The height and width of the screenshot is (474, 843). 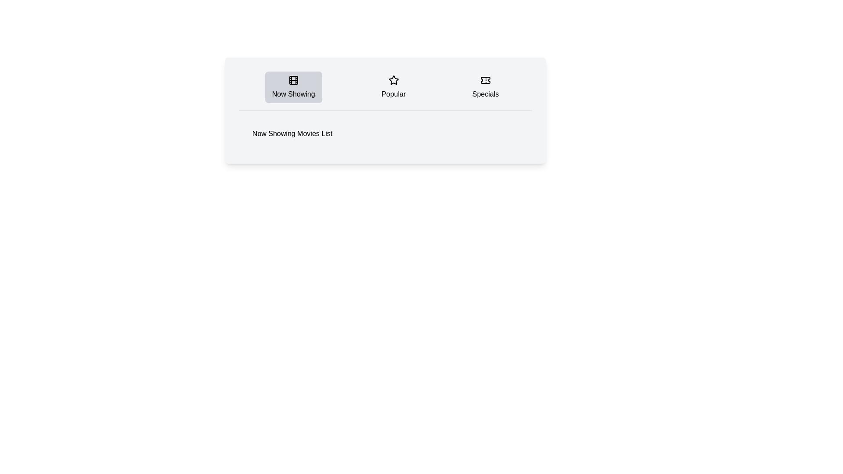 What do you see at coordinates (485, 87) in the screenshot?
I see `the Specials tab by clicking on its button` at bounding box center [485, 87].